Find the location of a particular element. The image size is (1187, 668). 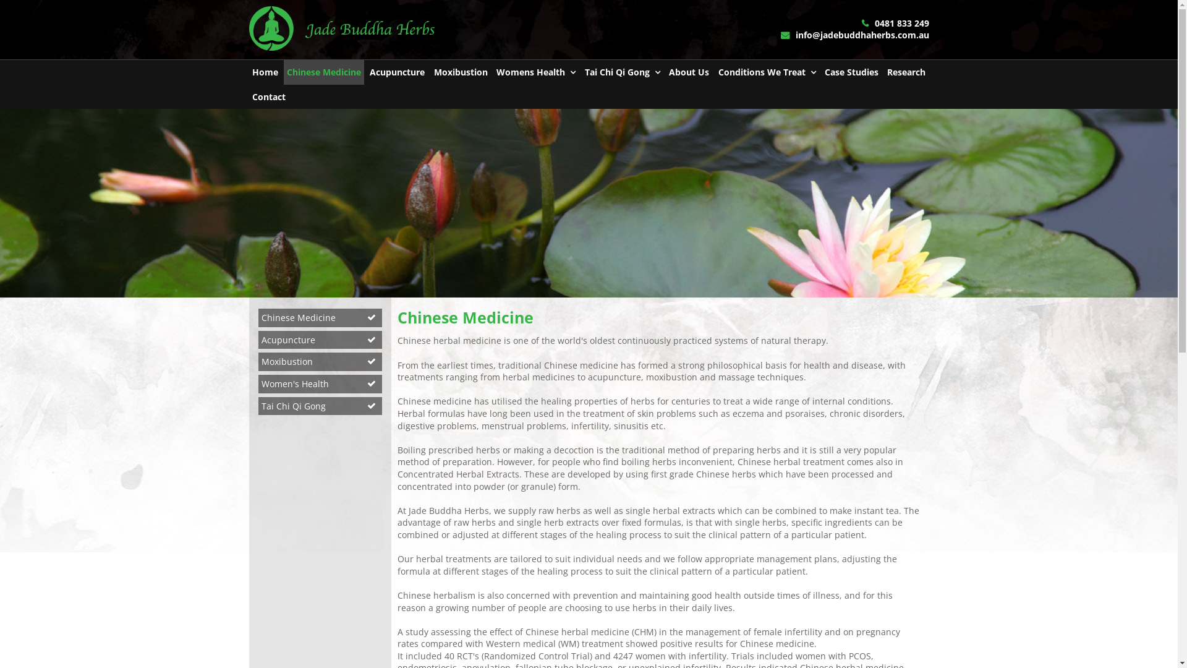

'Chinese Medicine' is located at coordinates (320, 317).